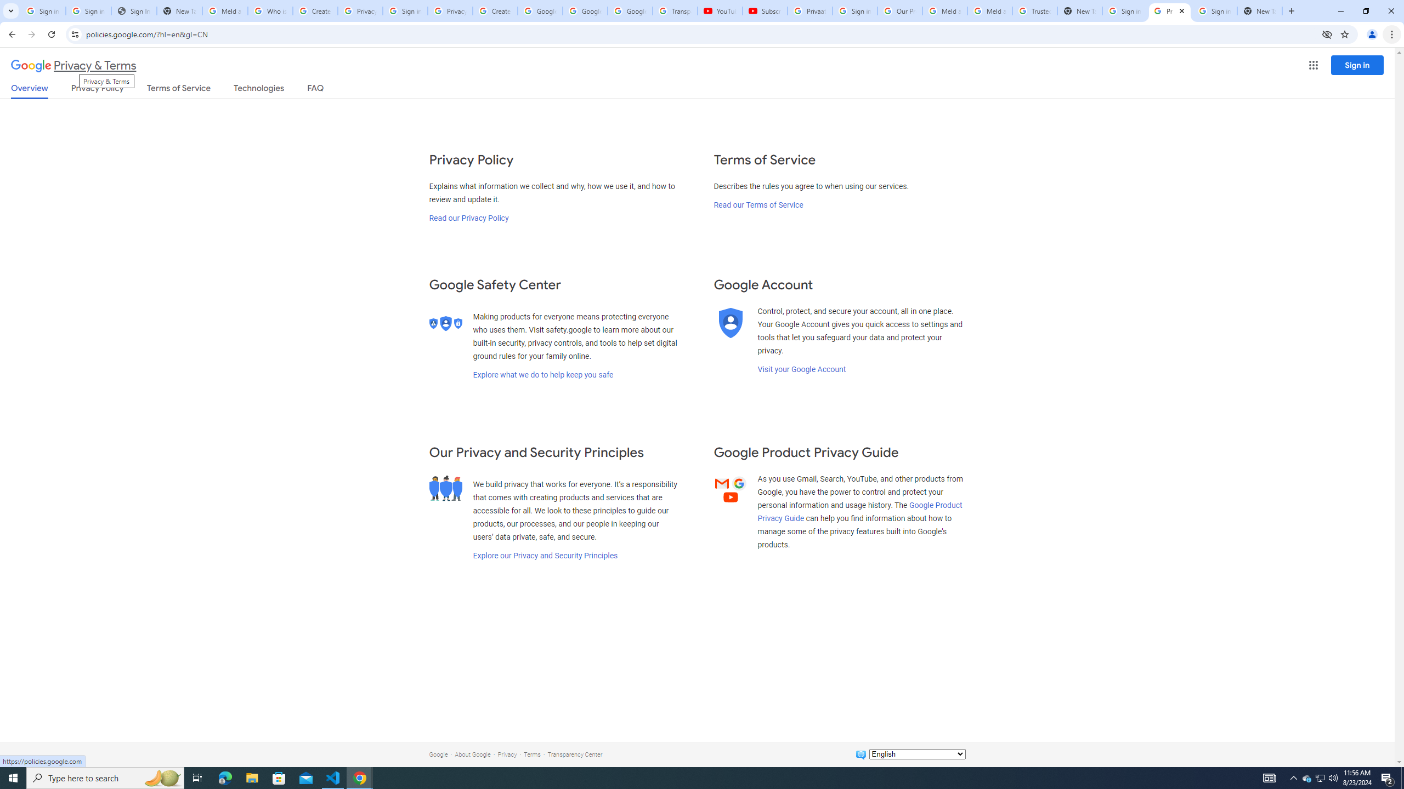 The width and height of the screenshot is (1404, 789). What do you see at coordinates (73, 65) in the screenshot?
I see `'Privacy & Terms'` at bounding box center [73, 65].